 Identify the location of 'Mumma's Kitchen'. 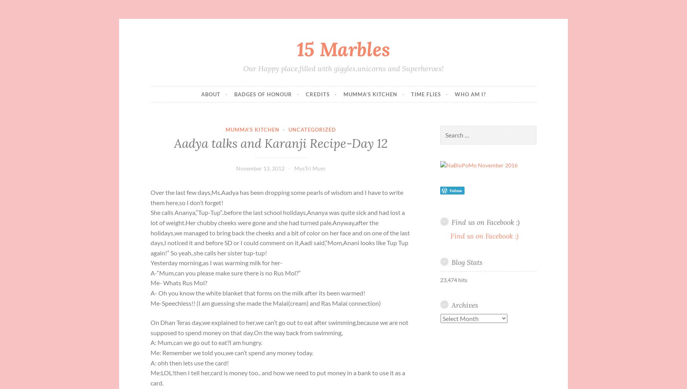
(252, 128).